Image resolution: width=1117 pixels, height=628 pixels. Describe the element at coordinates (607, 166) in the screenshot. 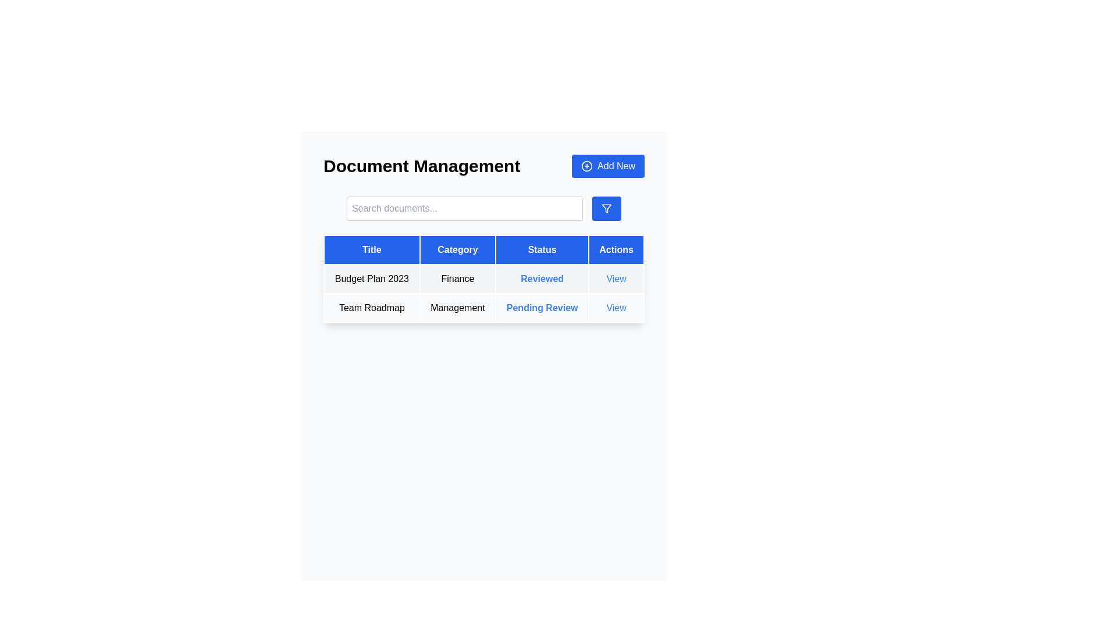

I see `the 'Add New' button located in the top-right corner of the header section next to the 'Document Management' title to trigger any hover effects` at that location.